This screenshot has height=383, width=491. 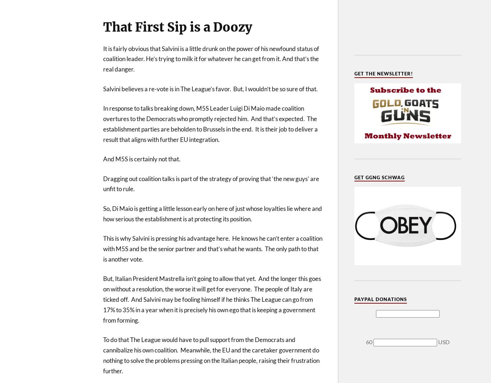 I want to click on 'In response to talks breaking down, M5S Leader Luigi Di Maio made coalition overtures to the Democrats who promptly rejected him.  And that’s expected.  The establishment parties are beholden to Brussels in the end.  It is their job to deliver a result that aligns with further EU integration.', so click(x=210, y=124).